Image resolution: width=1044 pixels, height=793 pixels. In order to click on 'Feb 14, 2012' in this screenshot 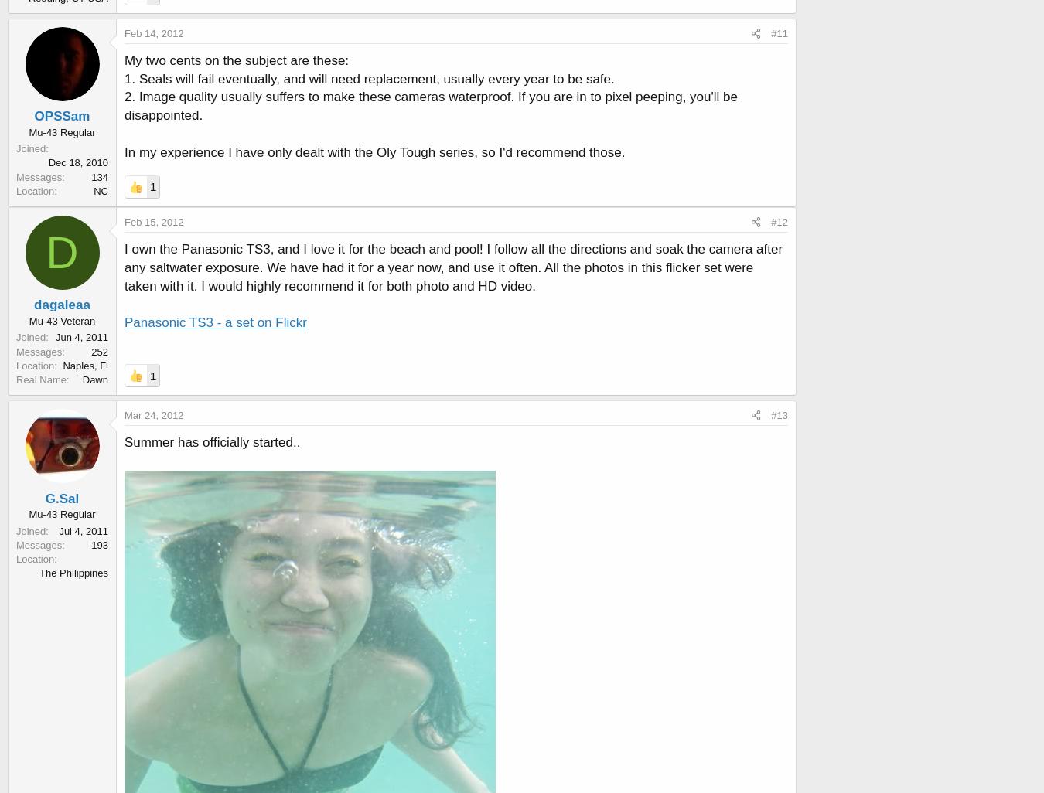, I will do `click(153, 32)`.